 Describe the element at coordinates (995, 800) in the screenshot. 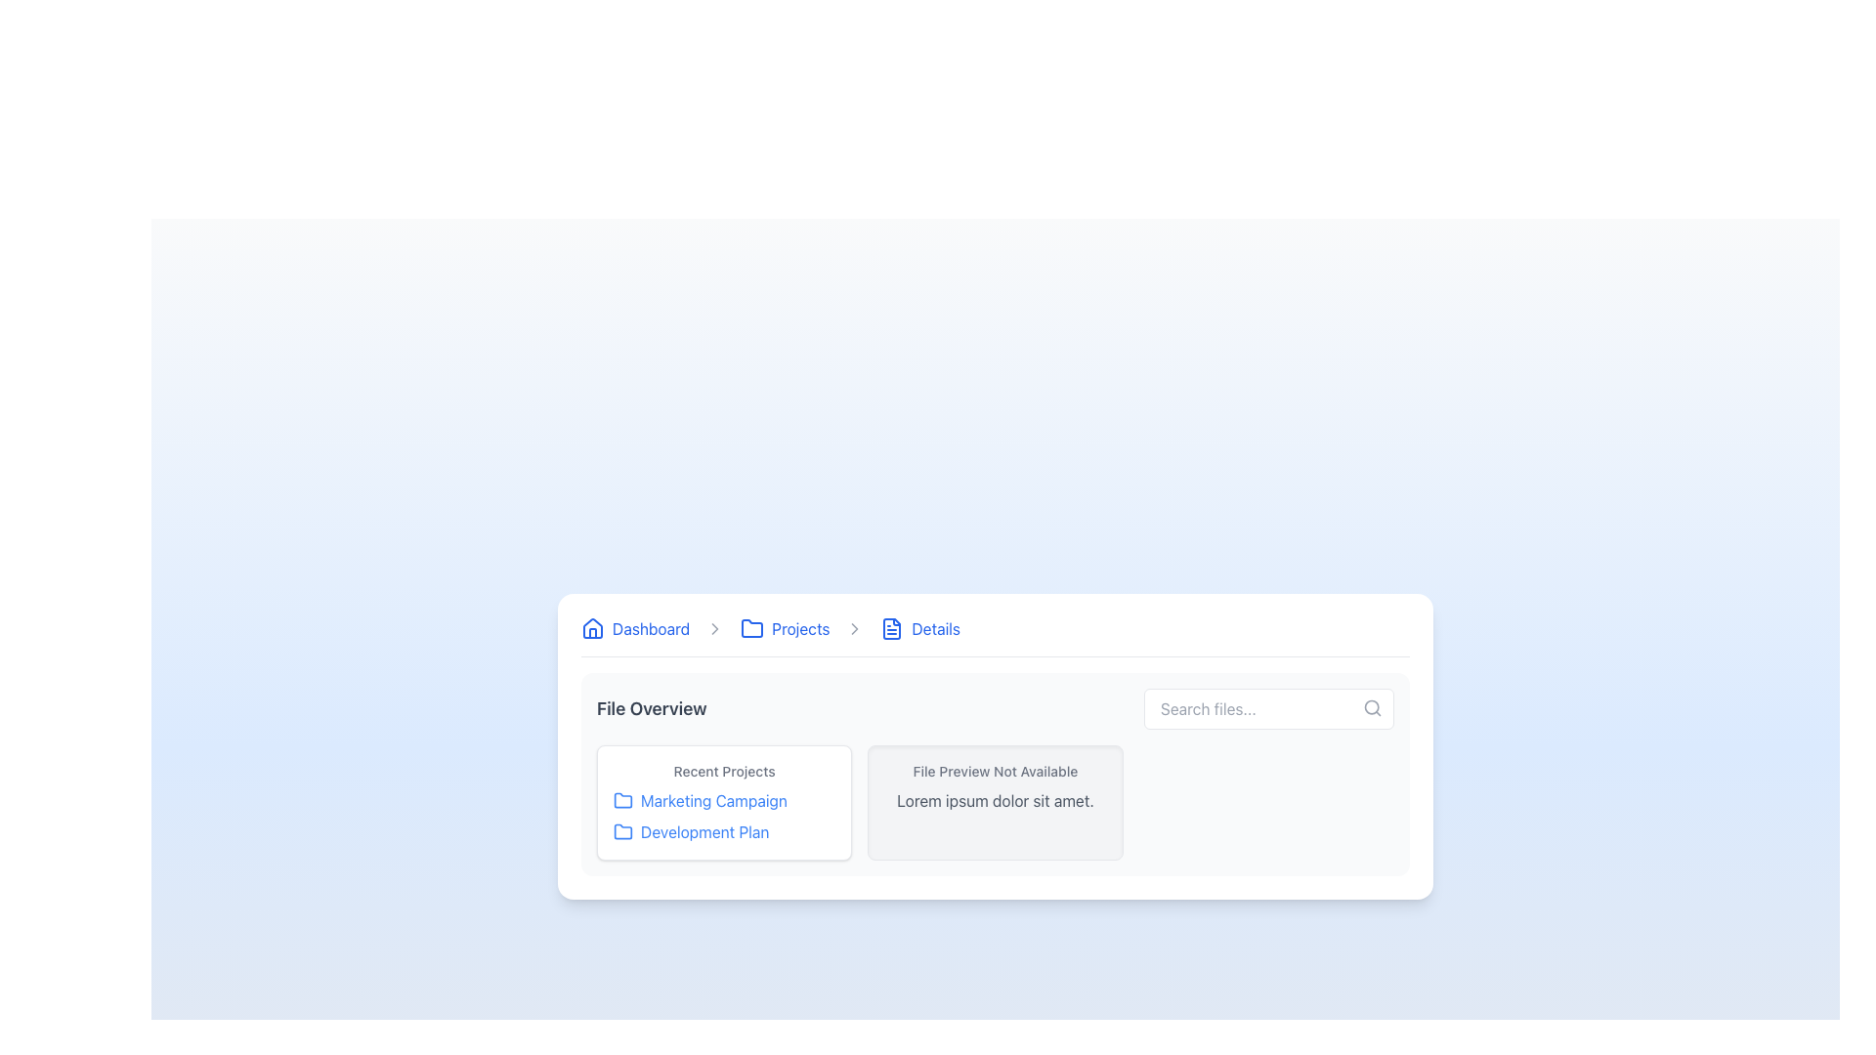

I see `the text area displaying 'Lorem ipsum dolor sit amet.' located under the 'File Preview Not Available' section in the 'File Overview' area` at that location.